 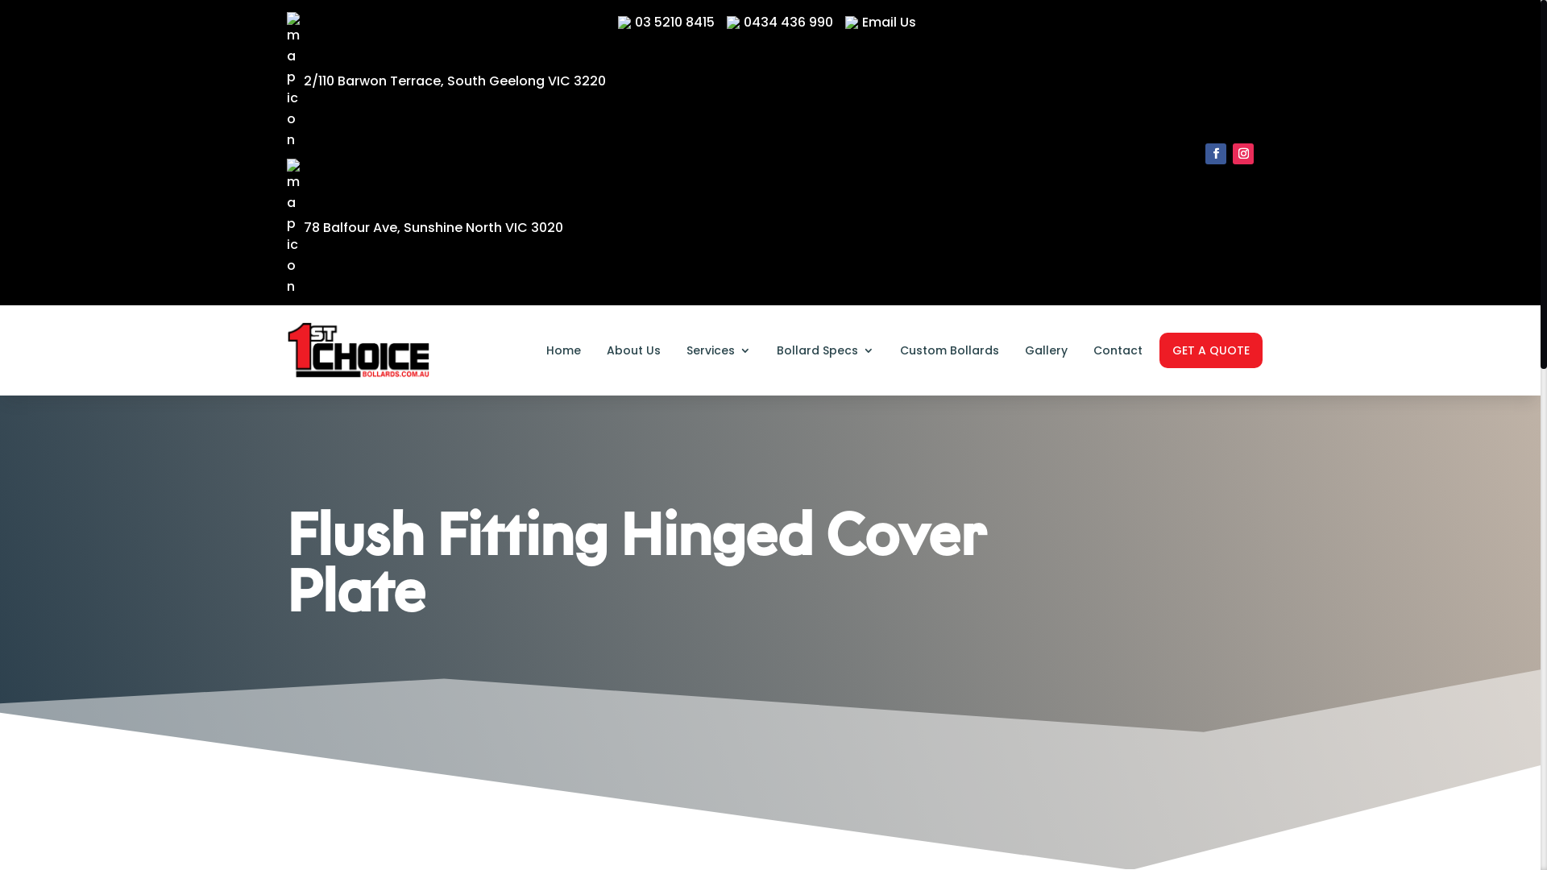 What do you see at coordinates (780, 22) in the screenshot?
I see `'0434 436 990'` at bounding box center [780, 22].